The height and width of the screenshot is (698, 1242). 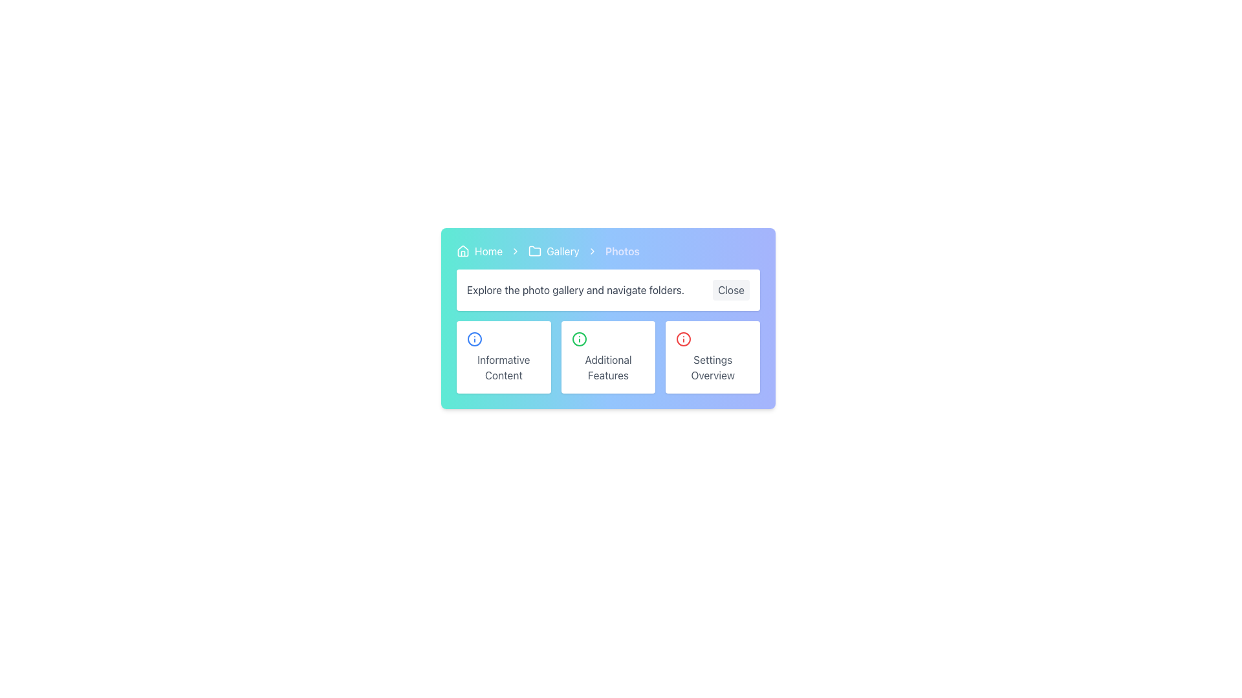 What do you see at coordinates (712, 368) in the screenshot?
I see `the text 'Settings Overview' styled with a gray font color` at bounding box center [712, 368].